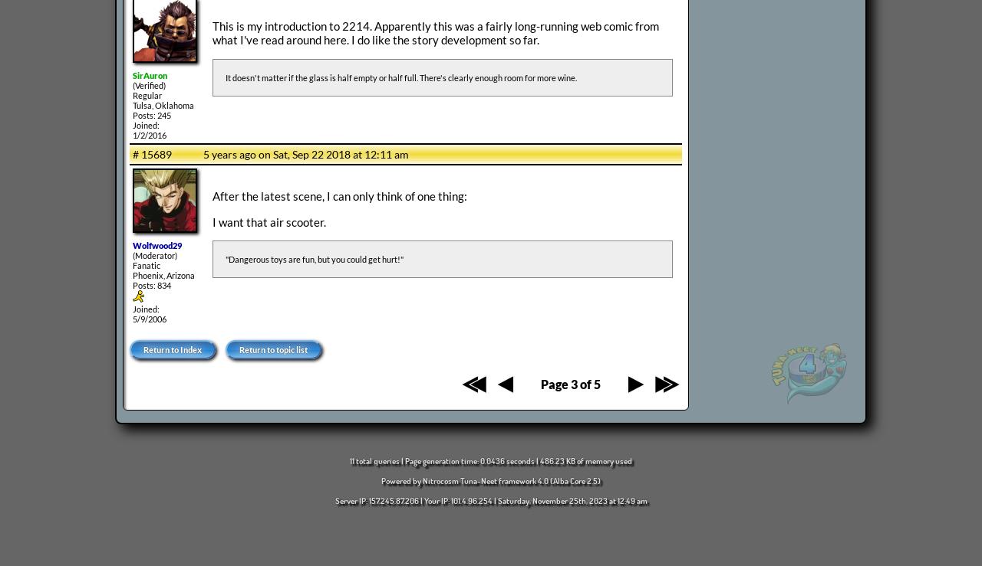 The image size is (982, 566). What do you see at coordinates (163, 104) in the screenshot?
I see `'Tulsa, Oklahoma'` at bounding box center [163, 104].